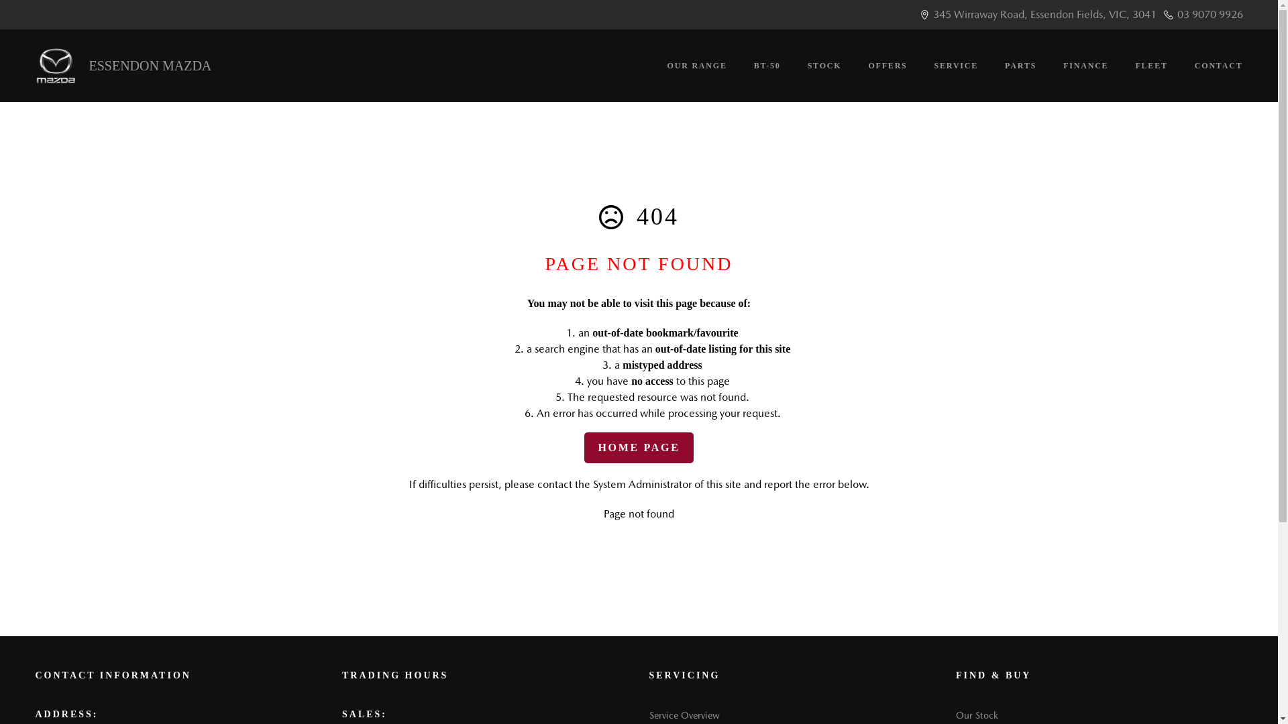 This screenshot has height=724, width=1288. I want to click on 'HOME PAGE', so click(637, 447).